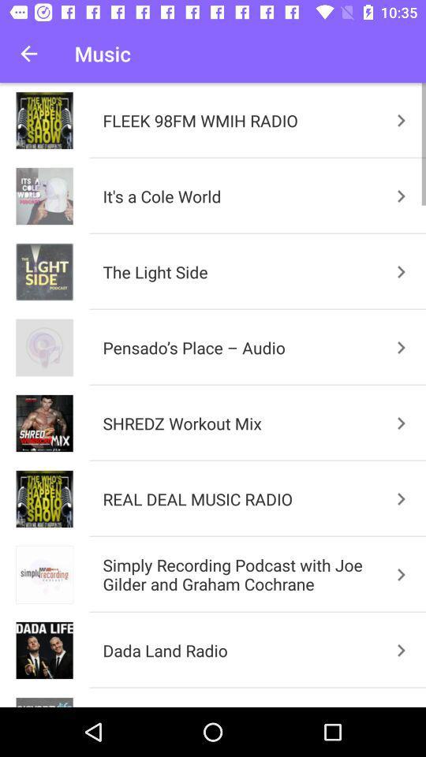 This screenshot has height=757, width=426. Describe the element at coordinates (44, 574) in the screenshot. I see `the image which is left to text simply recording podcast with joe glider and graham cochrane` at that location.